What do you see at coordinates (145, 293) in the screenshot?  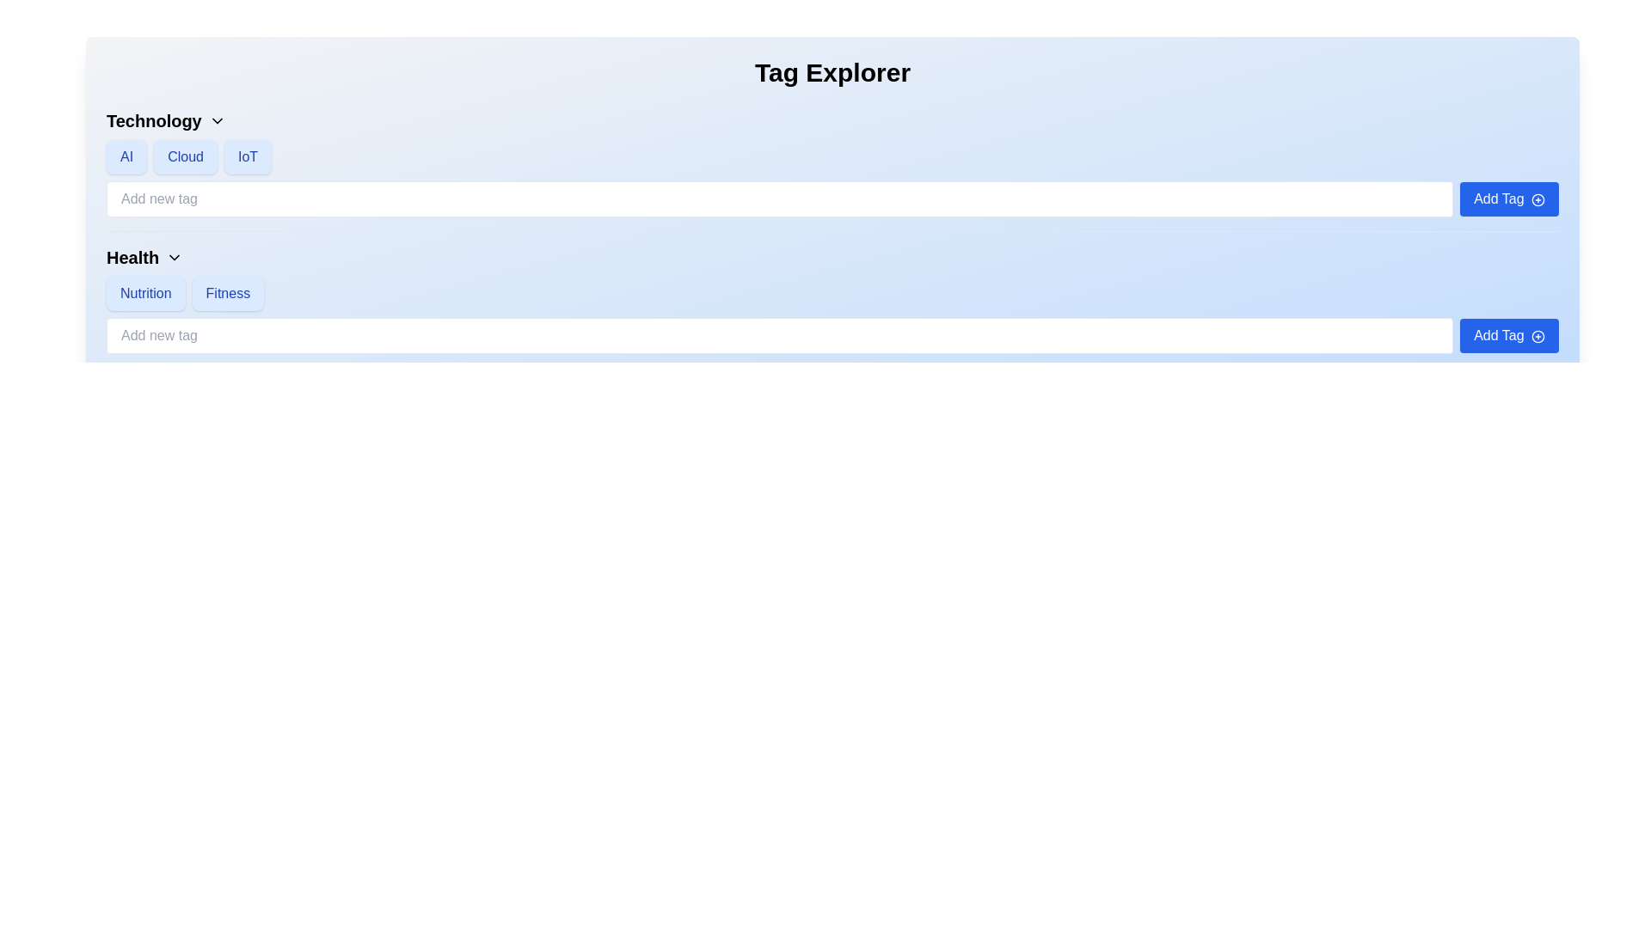 I see `the 'Nutrition' label tag, which has a light blue background and blue text, positioned in the 'Health' section to the left of the 'Fitness' tag` at bounding box center [145, 293].